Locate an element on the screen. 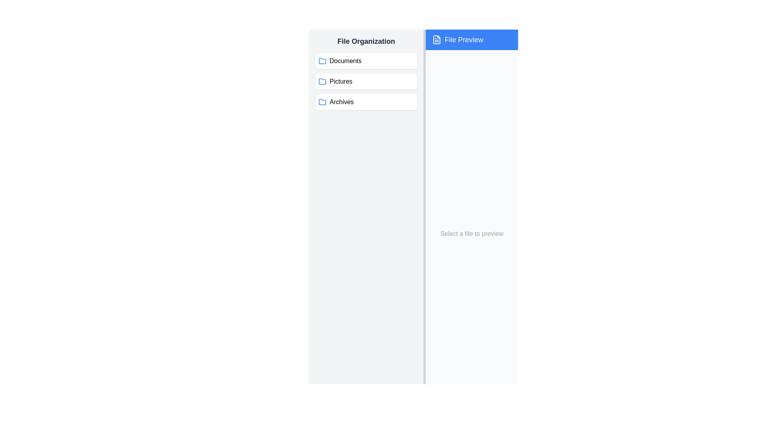 Image resolution: width=757 pixels, height=426 pixels. the 'File Preview' text label located on the right panel header next to the document icon within a blue background band is located at coordinates (464, 39).